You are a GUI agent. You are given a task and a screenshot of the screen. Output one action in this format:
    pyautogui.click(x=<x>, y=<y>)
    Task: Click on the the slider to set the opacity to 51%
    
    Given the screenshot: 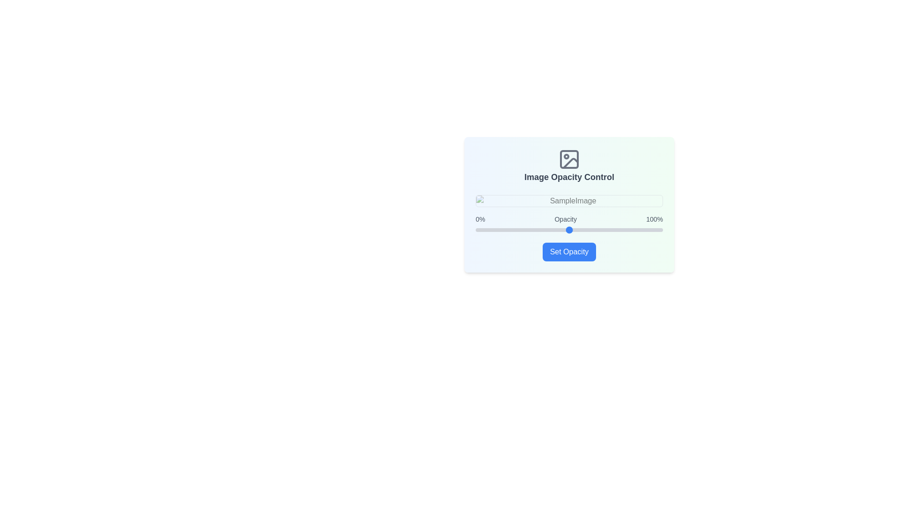 What is the action you would take?
    pyautogui.click(x=570, y=230)
    